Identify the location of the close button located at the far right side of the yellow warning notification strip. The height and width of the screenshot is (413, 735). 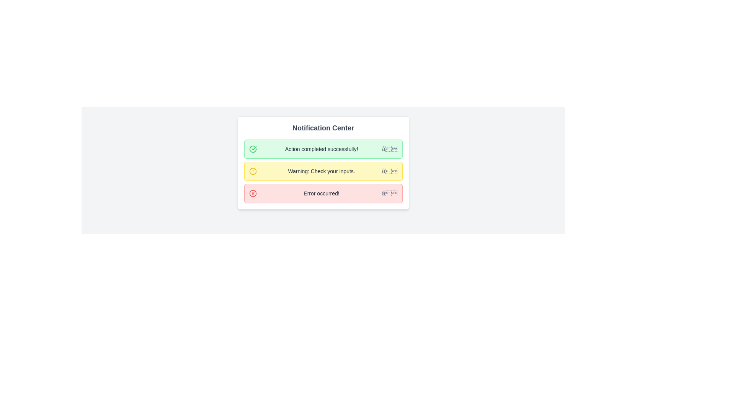
(389, 171).